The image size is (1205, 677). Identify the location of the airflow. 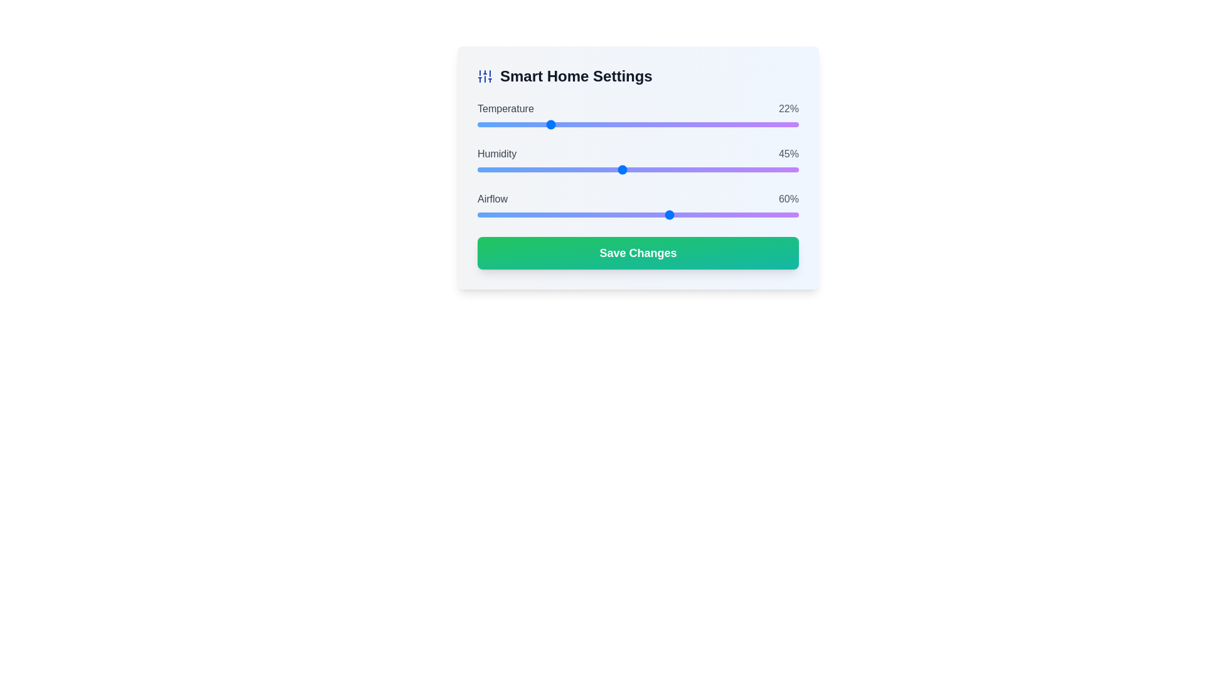
(734, 214).